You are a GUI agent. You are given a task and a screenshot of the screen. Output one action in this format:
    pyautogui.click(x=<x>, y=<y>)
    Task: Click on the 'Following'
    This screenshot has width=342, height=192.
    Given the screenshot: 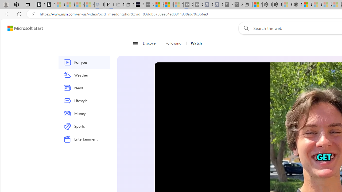 What is the action you would take?
    pyautogui.click(x=173, y=43)
    